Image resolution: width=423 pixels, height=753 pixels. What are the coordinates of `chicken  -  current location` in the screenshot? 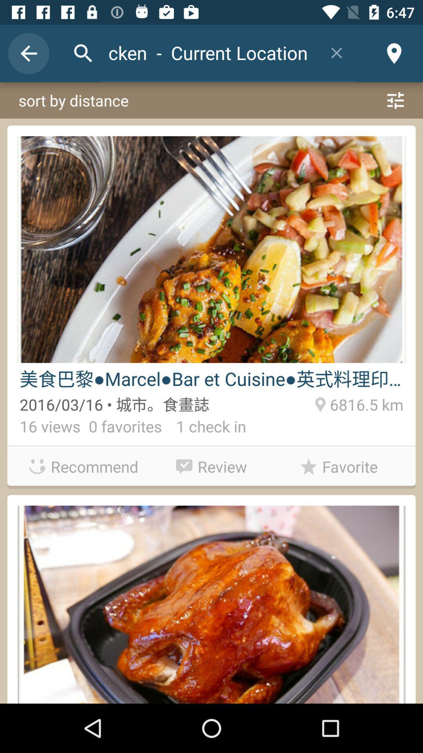 It's located at (208, 52).